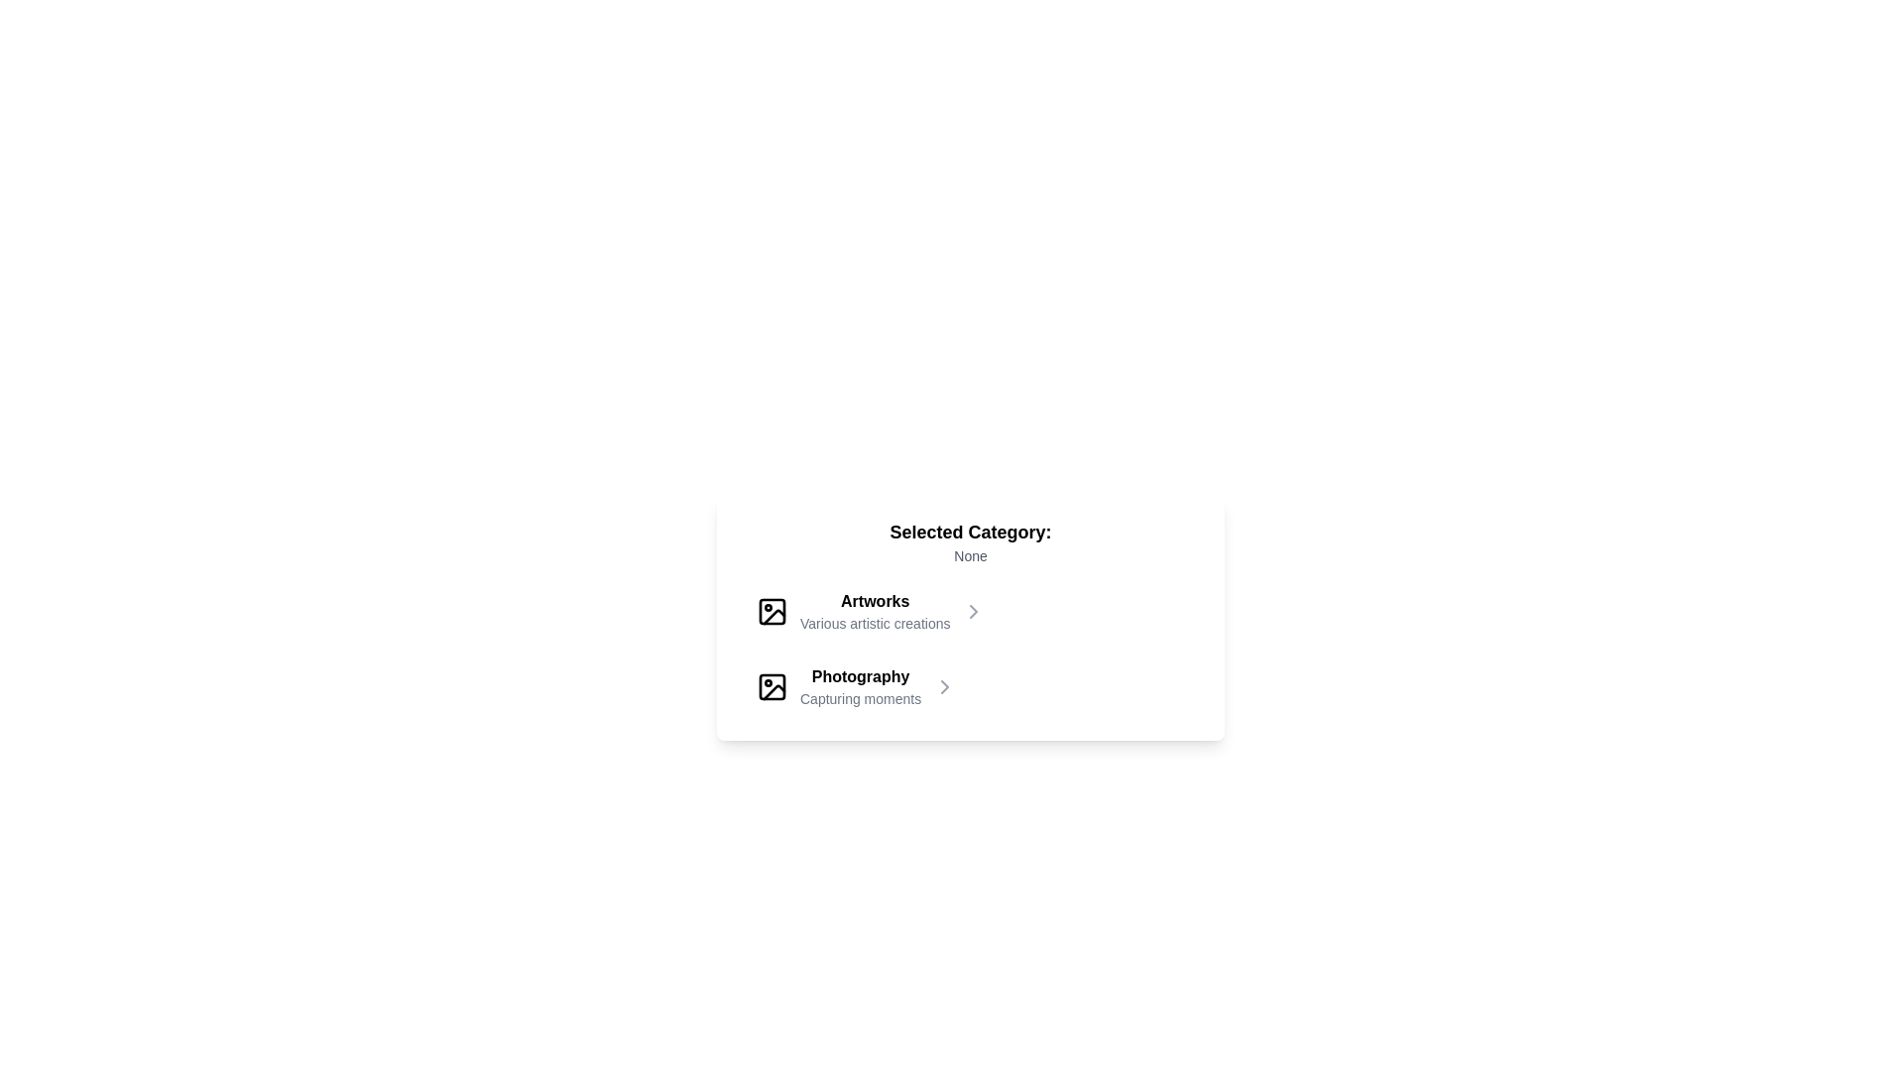 The width and height of the screenshot is (1904, 1071). What do you see at coordinates (971, 531) in the screenshot?
I see `the static text label displaying 'Selected Category:' which is bold and larger in font size, positioned centrally in the upper section of the interface` at bounding box center [971, 531].